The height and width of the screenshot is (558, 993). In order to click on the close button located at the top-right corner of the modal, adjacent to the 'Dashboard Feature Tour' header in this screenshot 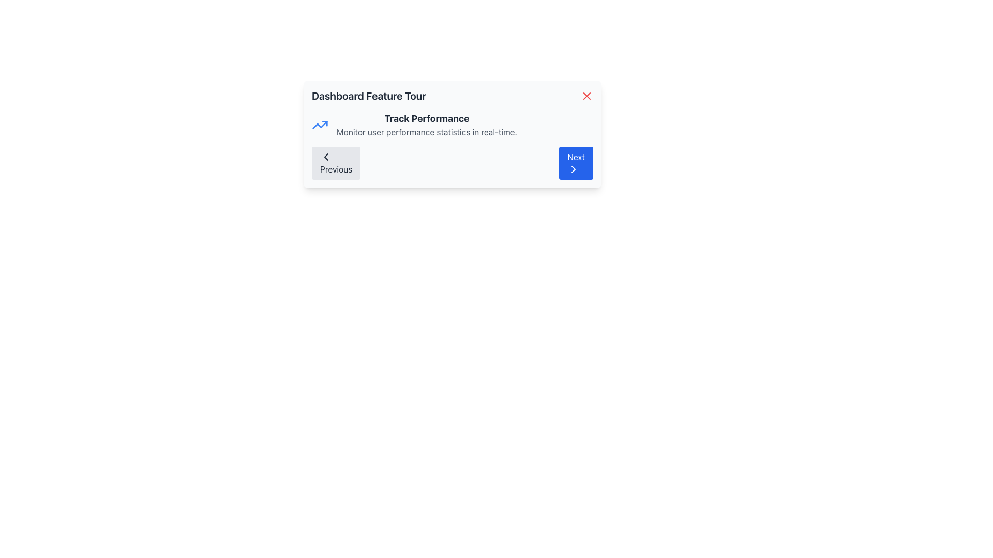, I will do `click(586, 96)`.